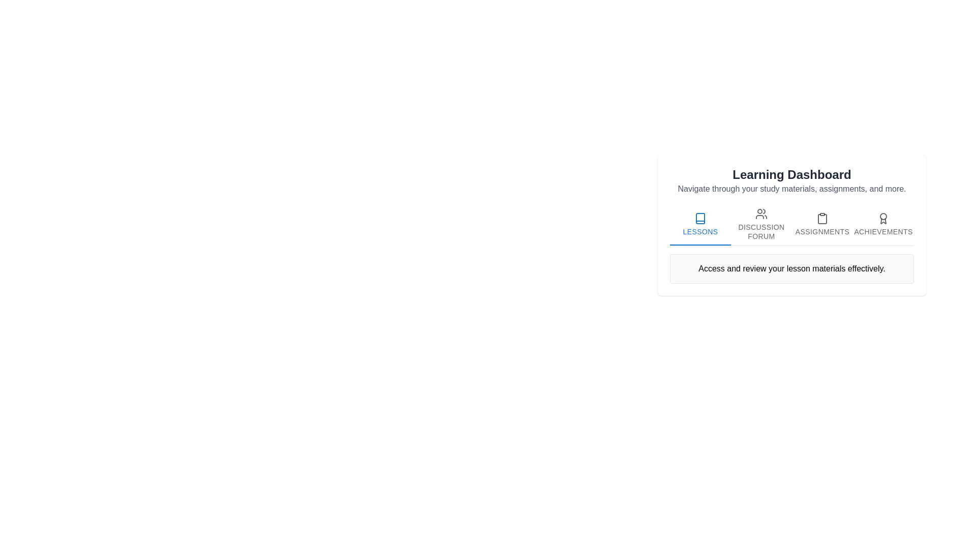 The width and height of the screenshot is (976, 549). What do you see at coordinates (882, 217) in the screenshot?
I see `the tab navigation by clicking on the award or medal icon located in the 'Achievements' tab` at bounding box center [882, 217].